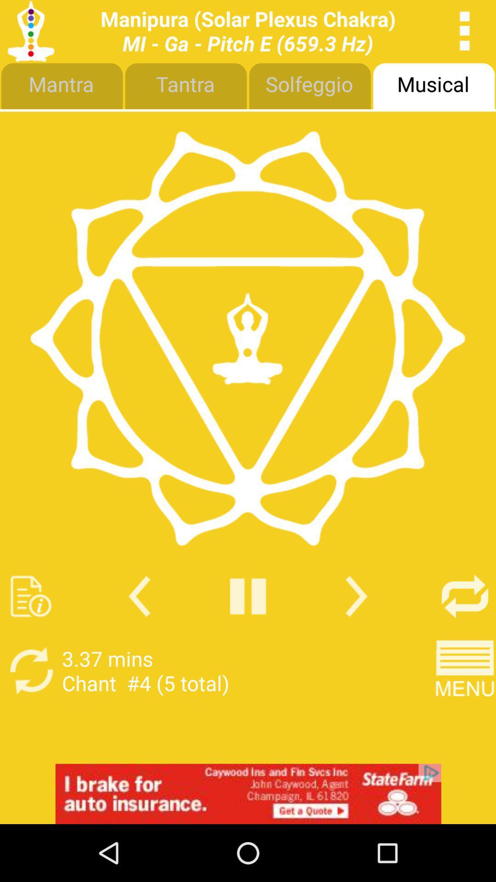 The image size is (496, 882). I want to click on previous, so click(139, 596).